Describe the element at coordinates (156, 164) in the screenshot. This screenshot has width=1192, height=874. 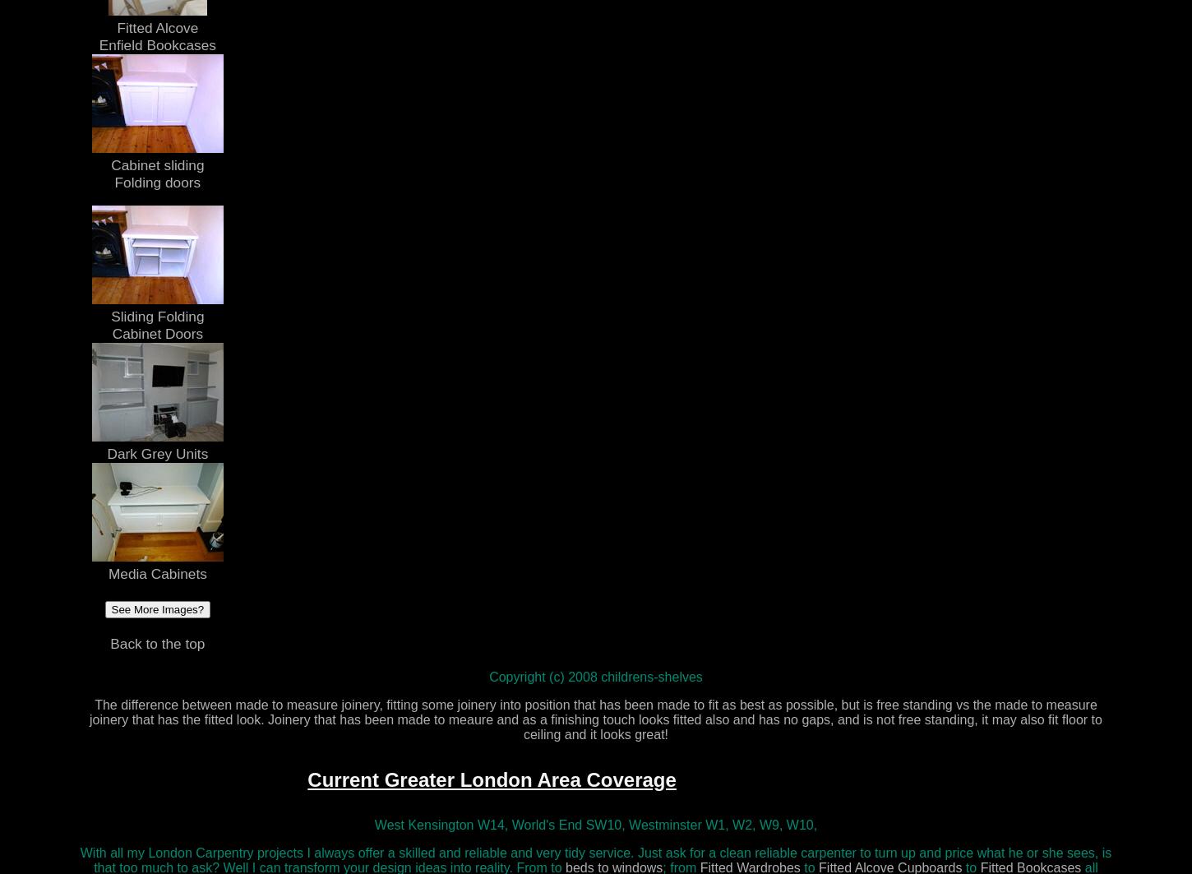
I see `'Cabinet sliding'` at that location.